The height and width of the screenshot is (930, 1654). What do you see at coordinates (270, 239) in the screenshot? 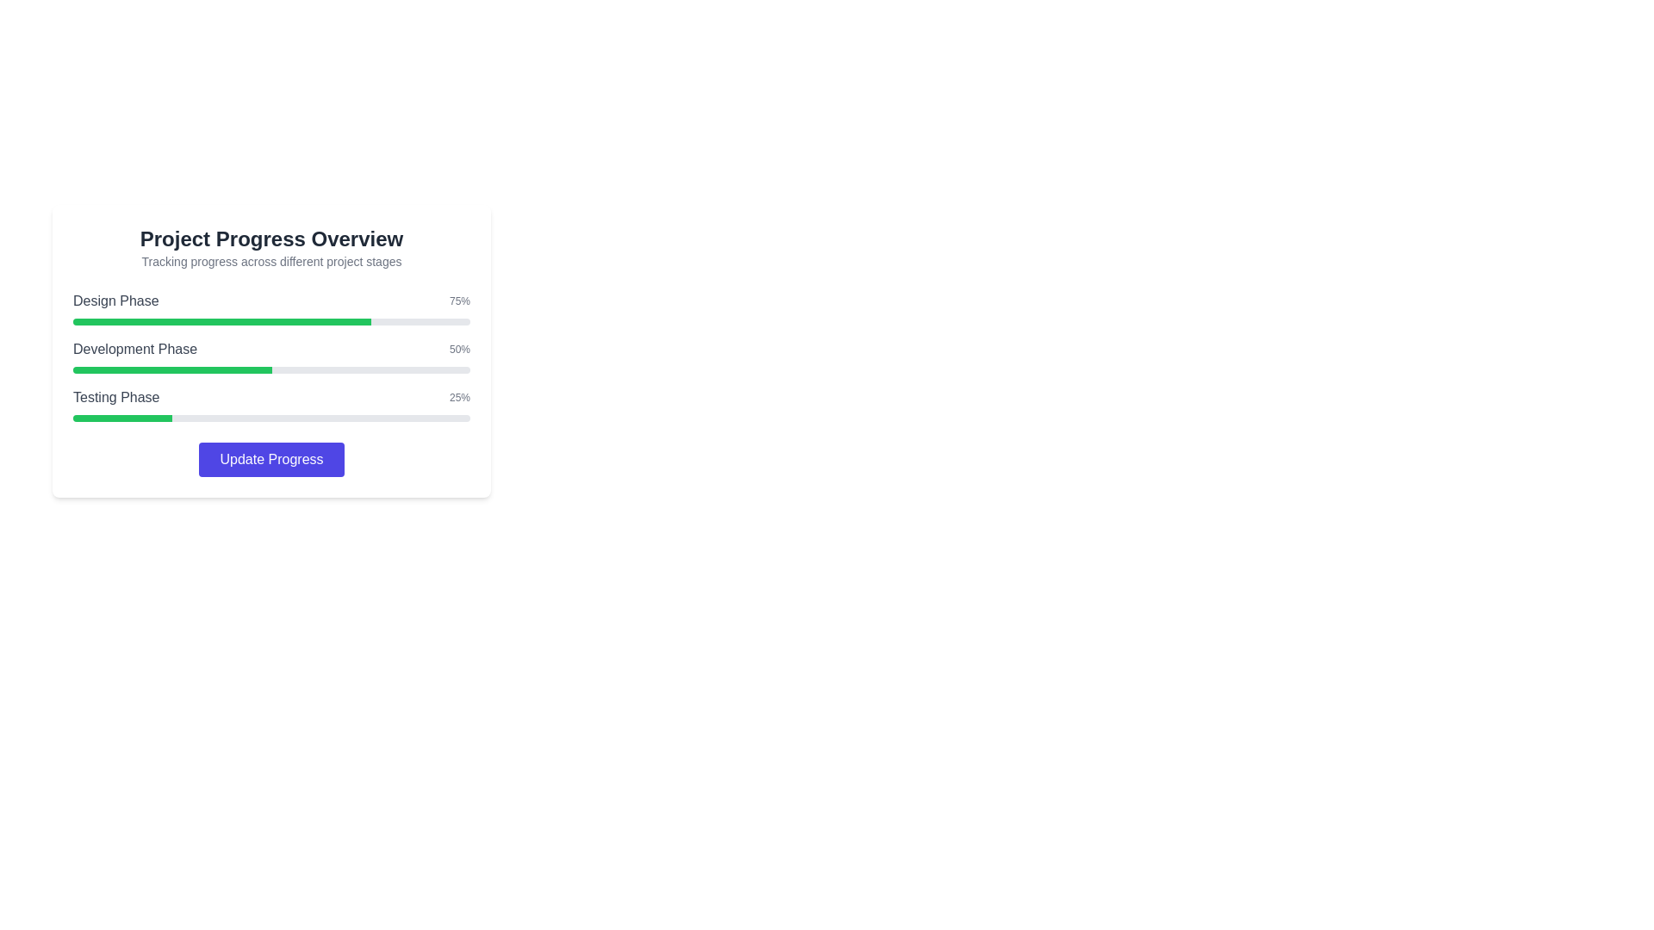
I see `the heading titled 'Project Progress Overview', which is displayed in a large, bold, dark gray font at the top of its card layout` at bounding box center [270, 239].